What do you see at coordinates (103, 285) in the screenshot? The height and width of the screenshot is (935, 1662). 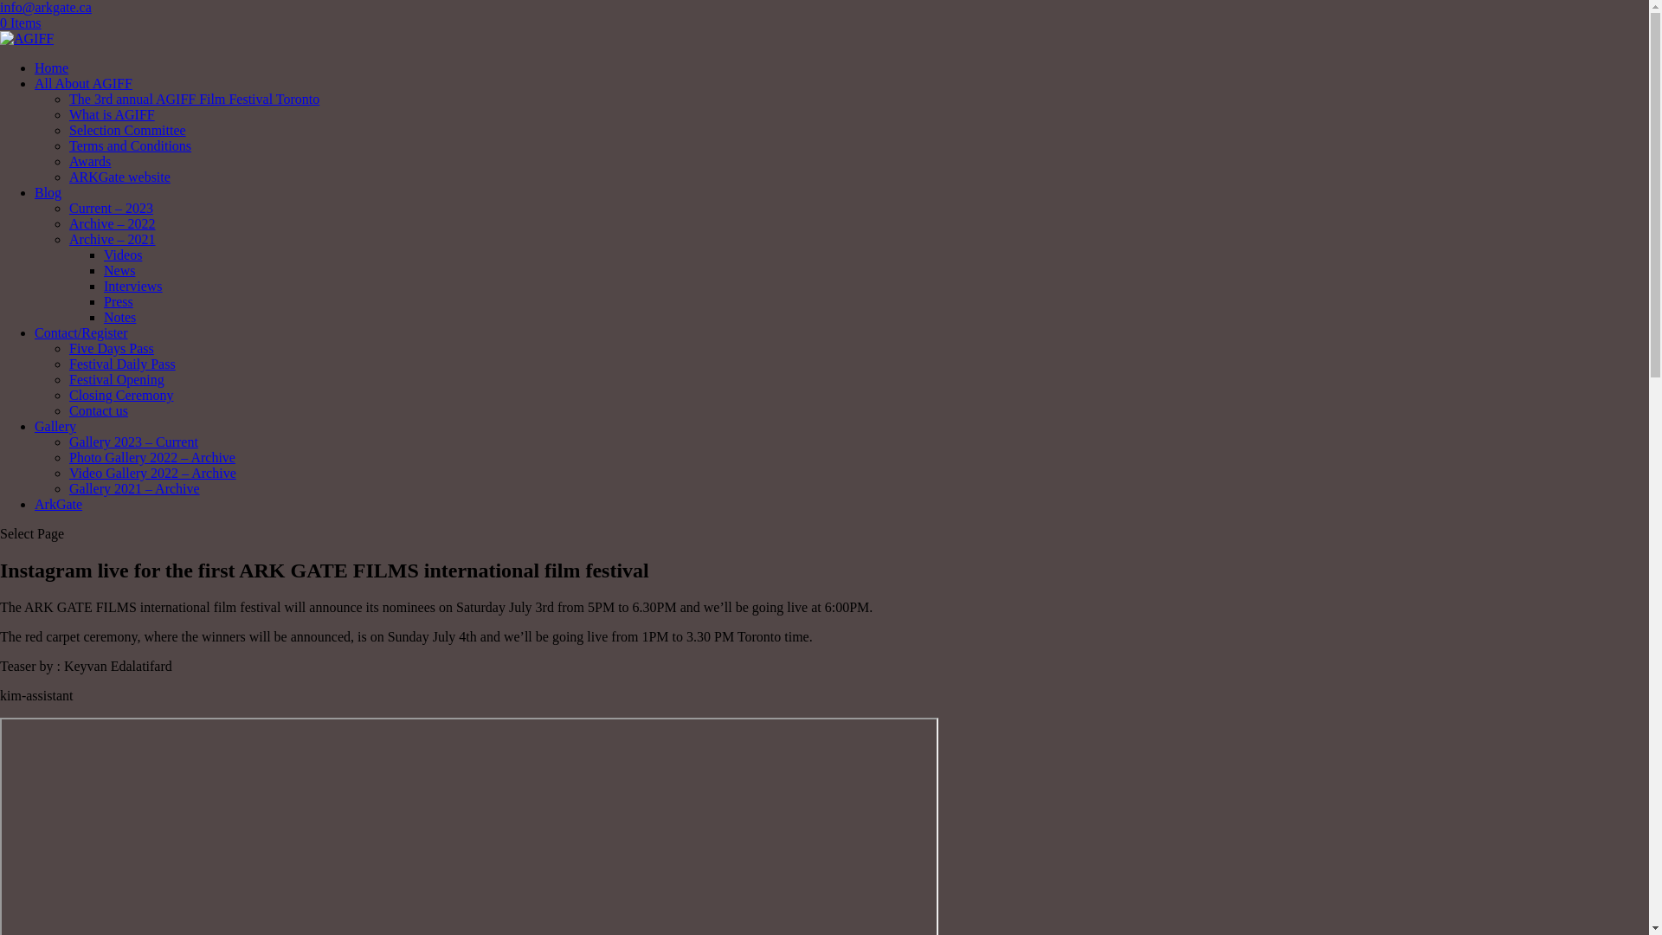 I see `'Interviews'` at bounding box center [103, 285].